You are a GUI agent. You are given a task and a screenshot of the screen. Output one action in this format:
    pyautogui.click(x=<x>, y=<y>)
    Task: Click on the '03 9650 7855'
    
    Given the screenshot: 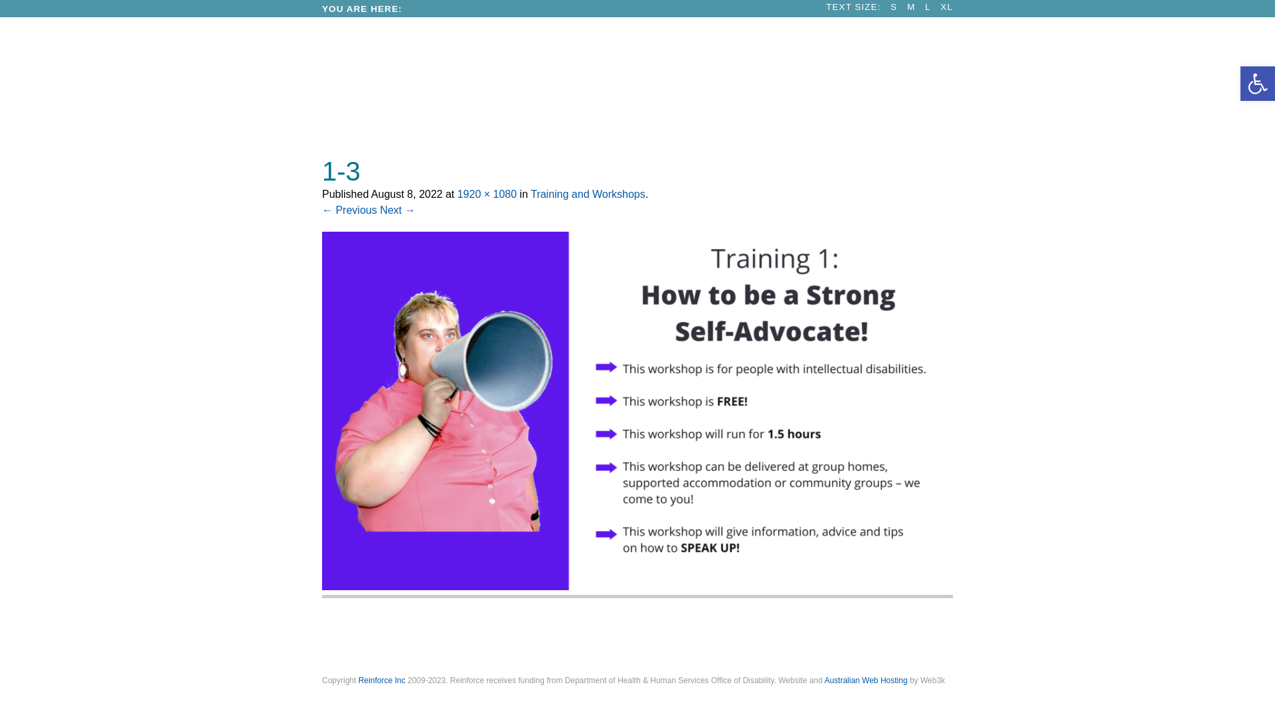 What is the action you would take?
    pyautogui.click(x=423, y=640)
    